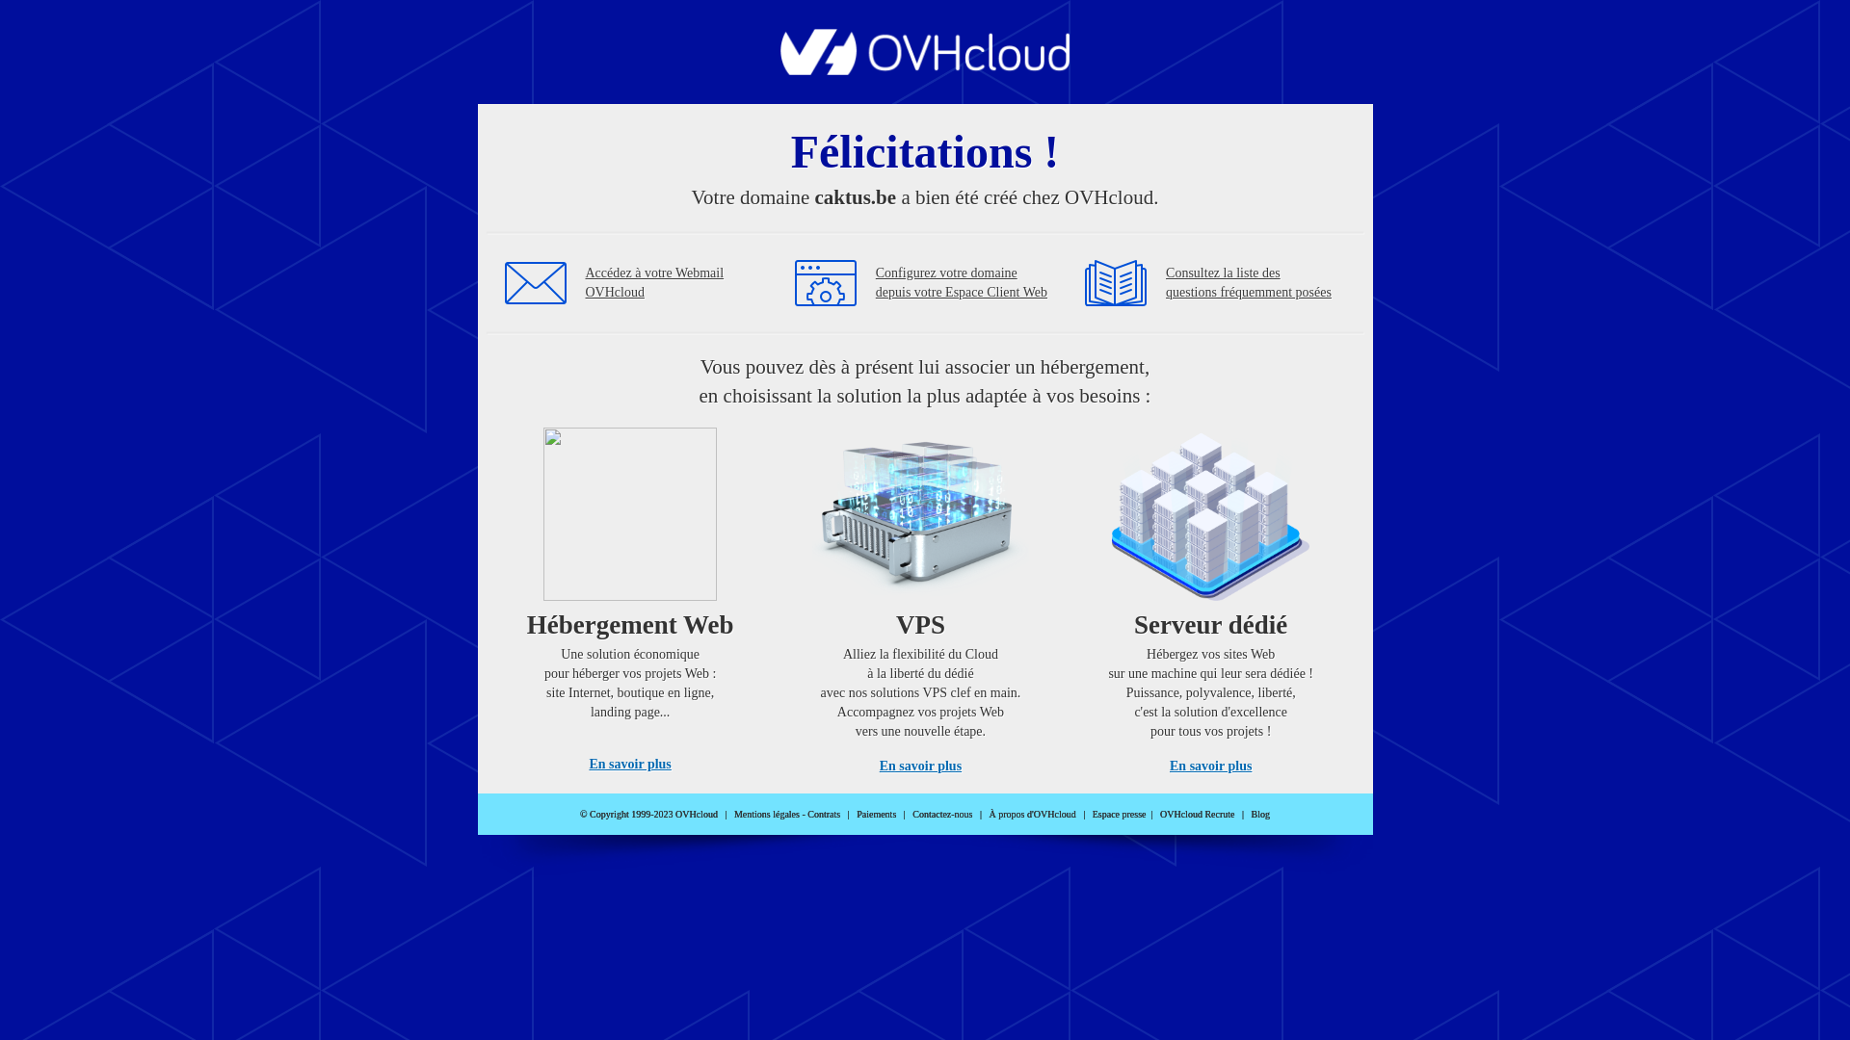 The width and height of the screenshot is (1850, 1040). I want to click on 'En savoir plus', so click(1209, 765).